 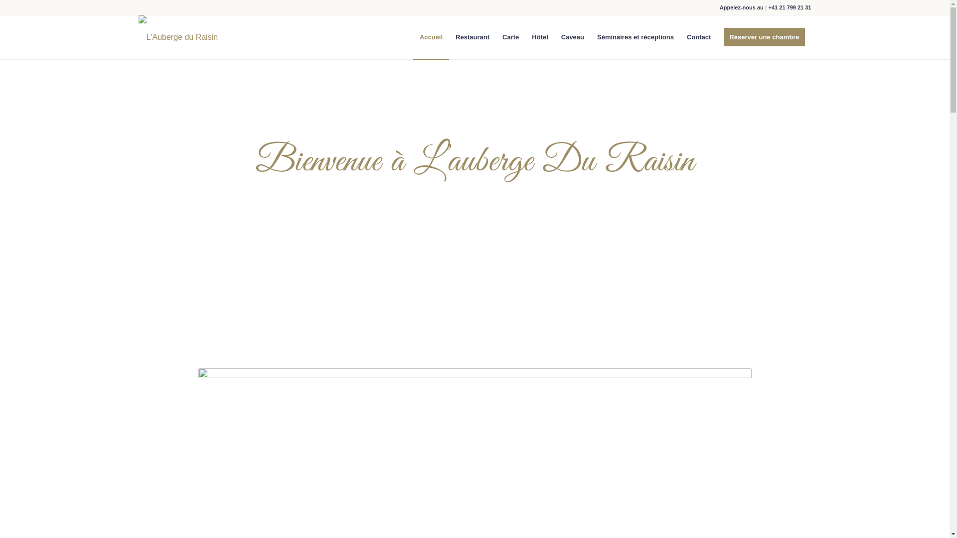 What do you see at coordinates (572, 36) in the screenshot?
I see `'Caveau'` at bounding box center [572, 36].